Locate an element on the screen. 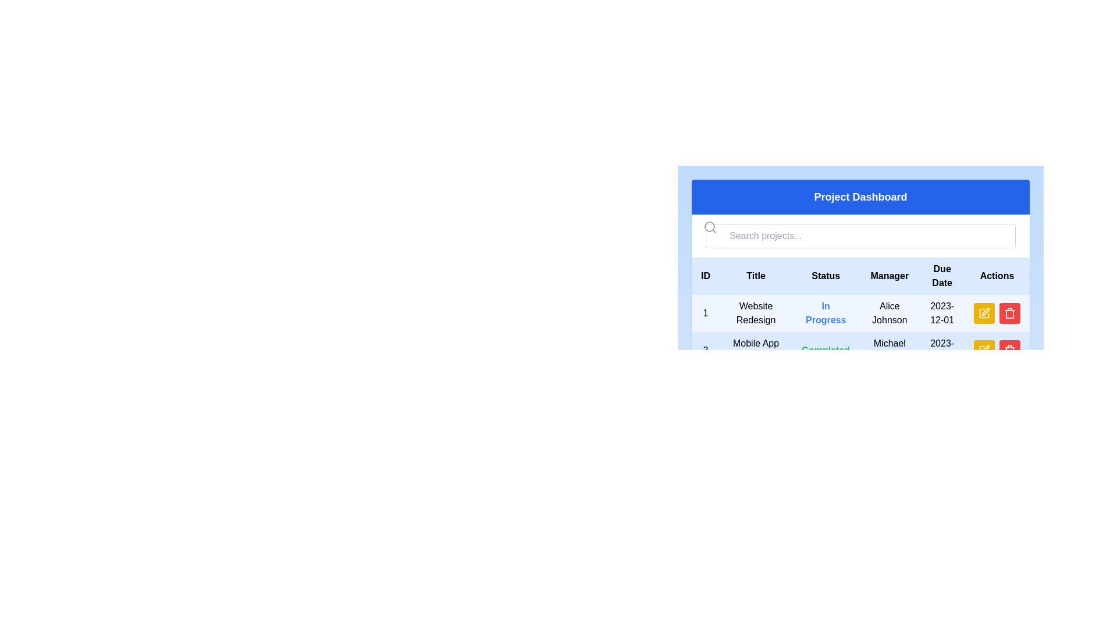  the small red square delete button with a trash can symbol located in the 'Actions' column of the first row in the data table, next to the 'Website Redesign' entry is located at coordinates (996, 313).